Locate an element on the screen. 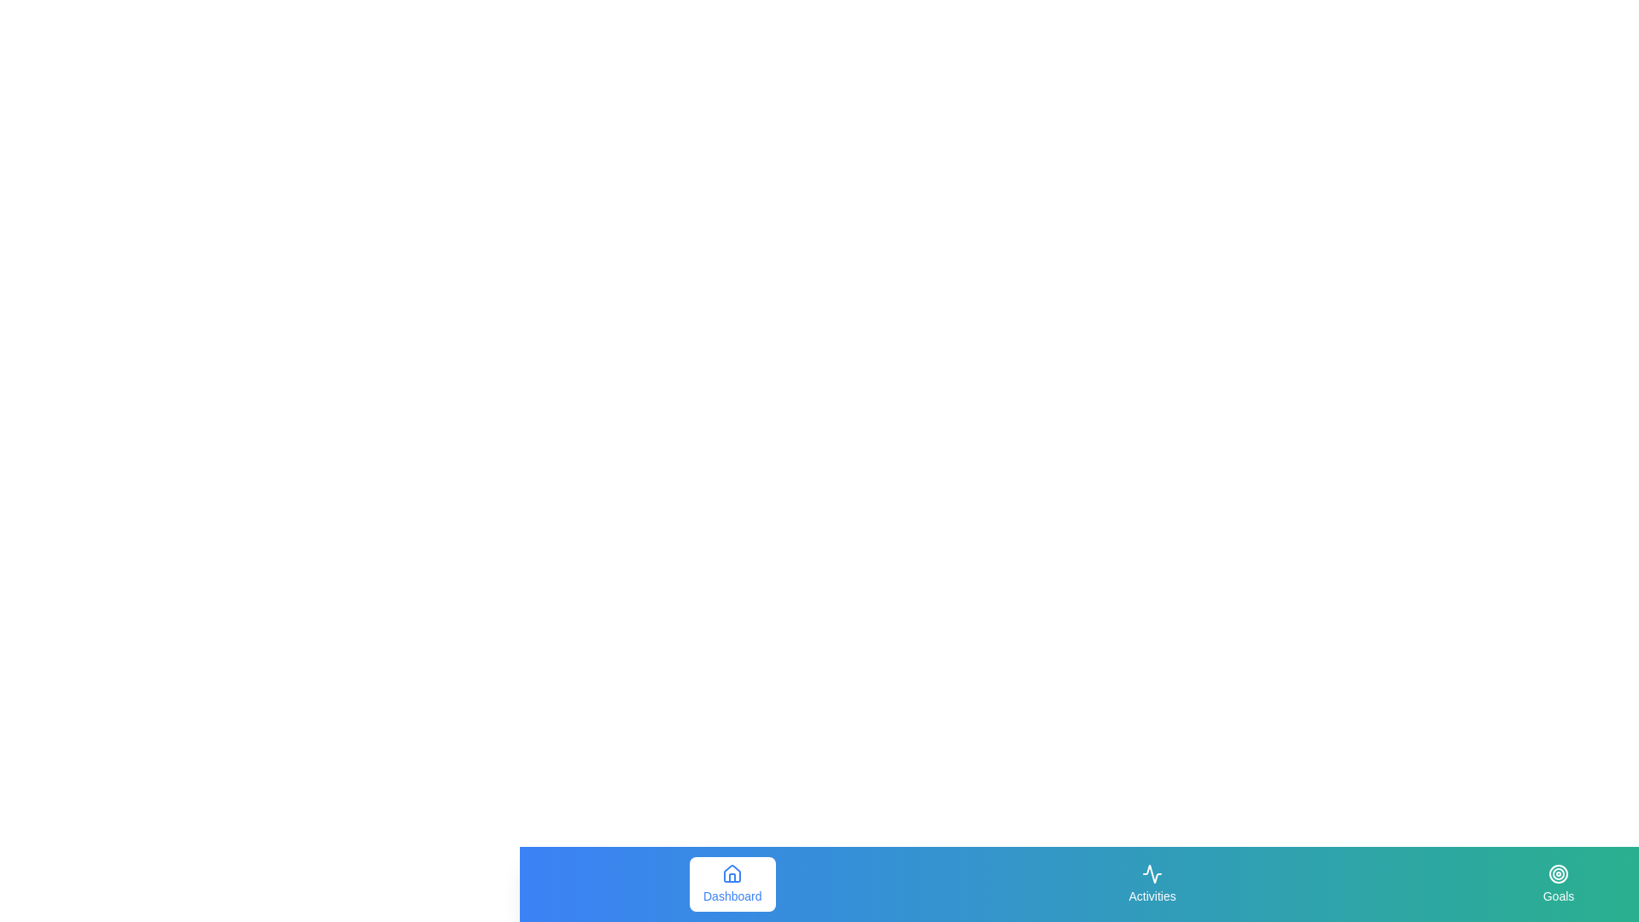  the navigation tab Dashboard by clicking on its corresponding button is located at coordinates (732, 884).